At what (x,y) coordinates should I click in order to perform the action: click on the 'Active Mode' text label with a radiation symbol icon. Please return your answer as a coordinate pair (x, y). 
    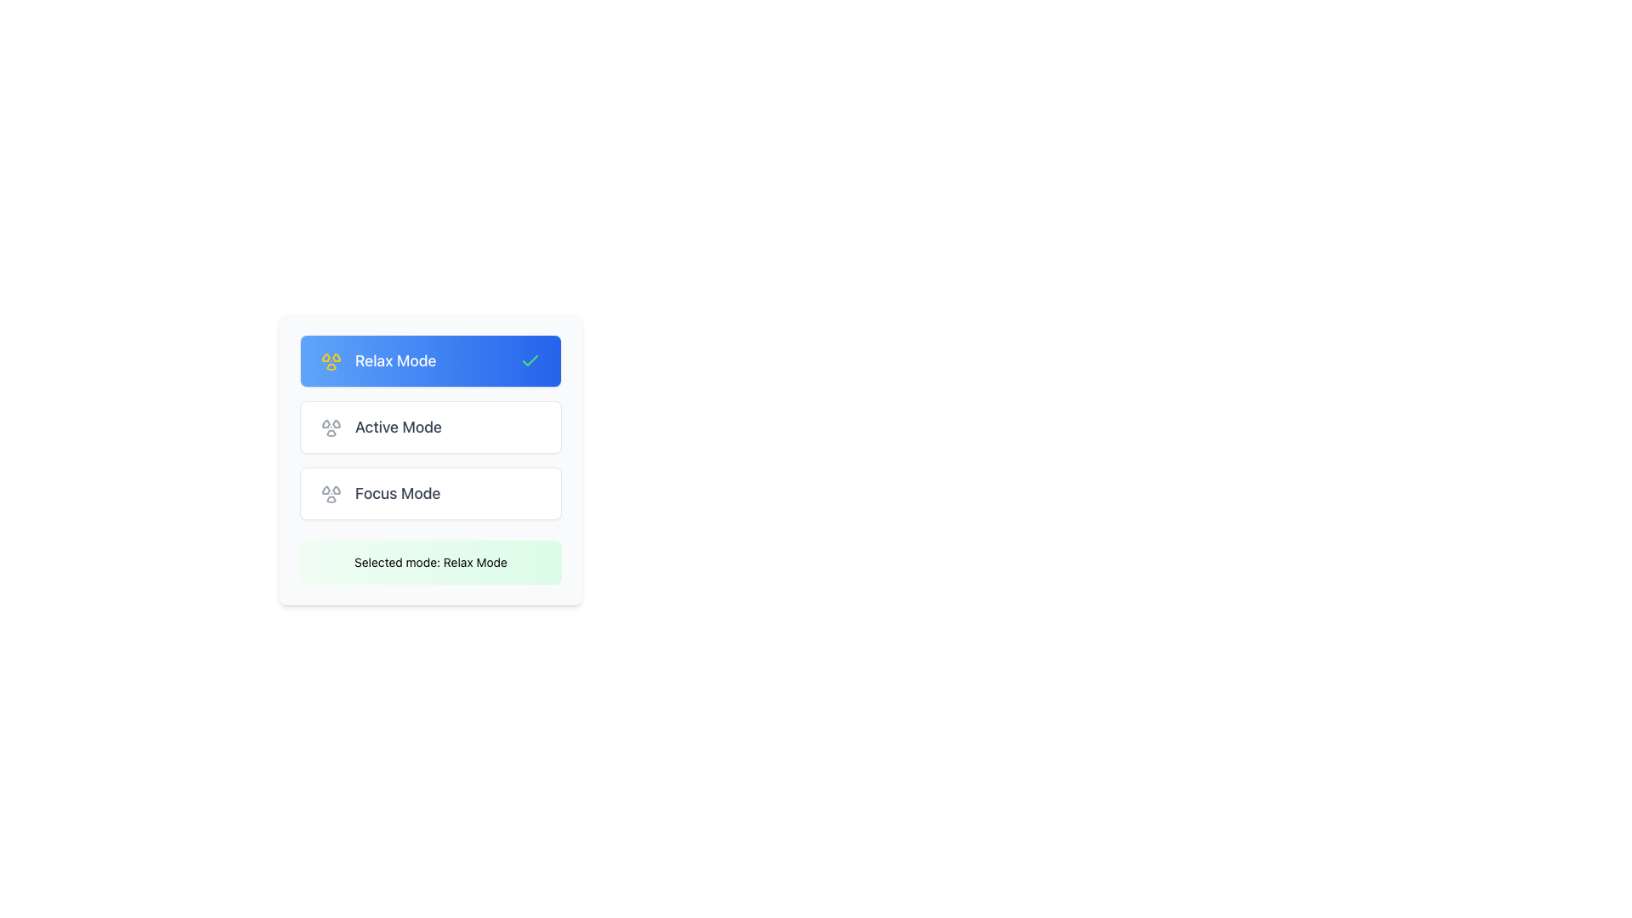
    Looking at the image, I should click on (381, 426).